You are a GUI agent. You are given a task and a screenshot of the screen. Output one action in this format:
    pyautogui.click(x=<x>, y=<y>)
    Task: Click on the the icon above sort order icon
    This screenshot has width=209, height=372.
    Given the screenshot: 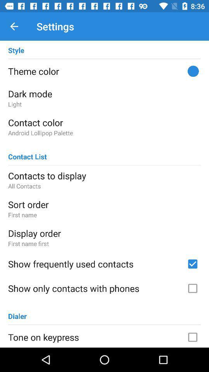 What is the action you would take?
    pyautogui.click(x=104, y=186)
    